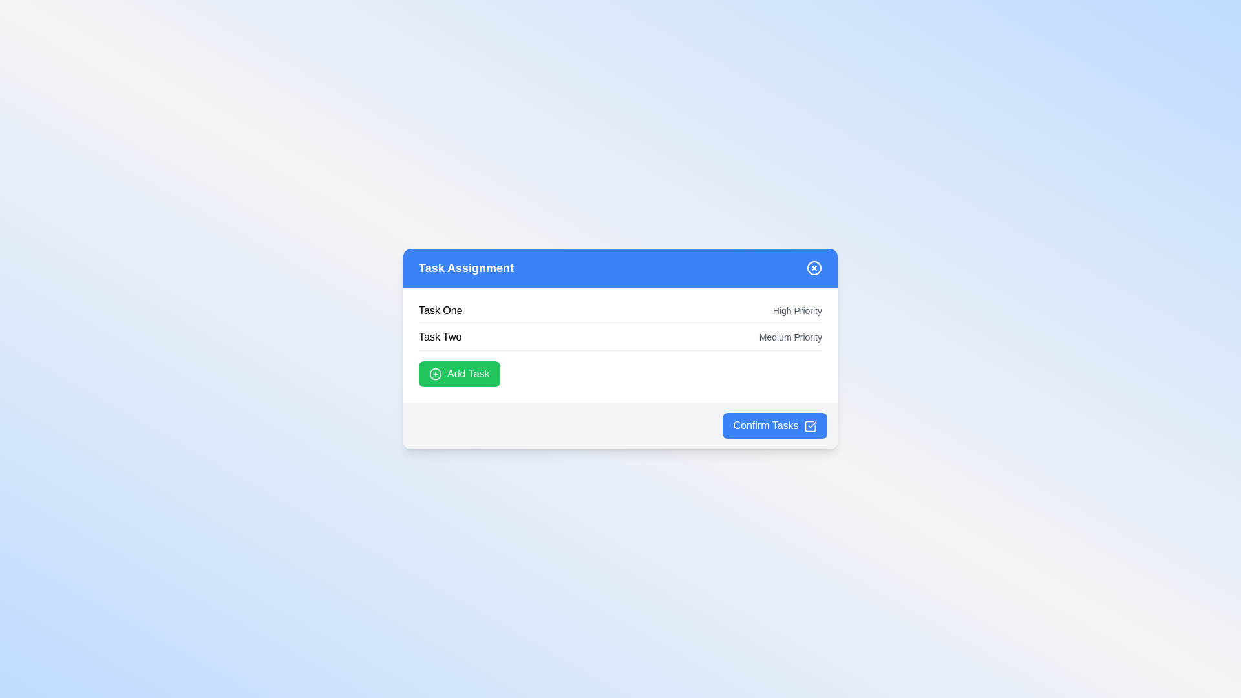 The height and width of the screenshot is (698, 1241). What do you see at coordinates (459, 374) in the screenshot?
I see `'Add Task' button to add a new task` at bounding box center [459, 374].